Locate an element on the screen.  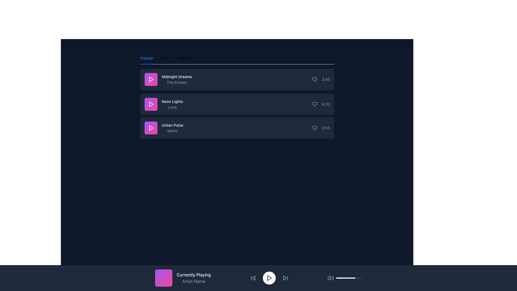
the 'Chill' tab in the navigation menu is located at coordinates (165, 58).